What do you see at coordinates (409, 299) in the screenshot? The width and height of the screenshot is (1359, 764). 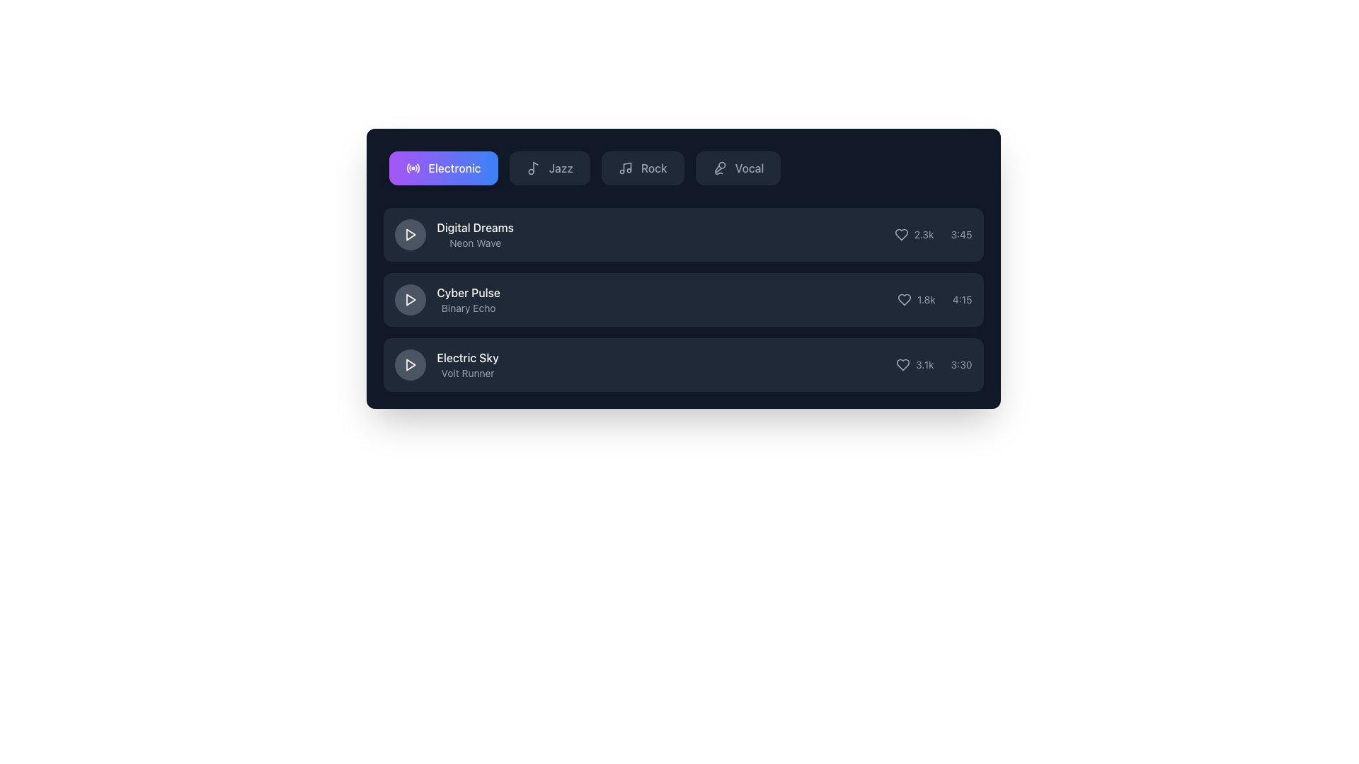 I see `the central play button icon` at bounding box center [409, 299].